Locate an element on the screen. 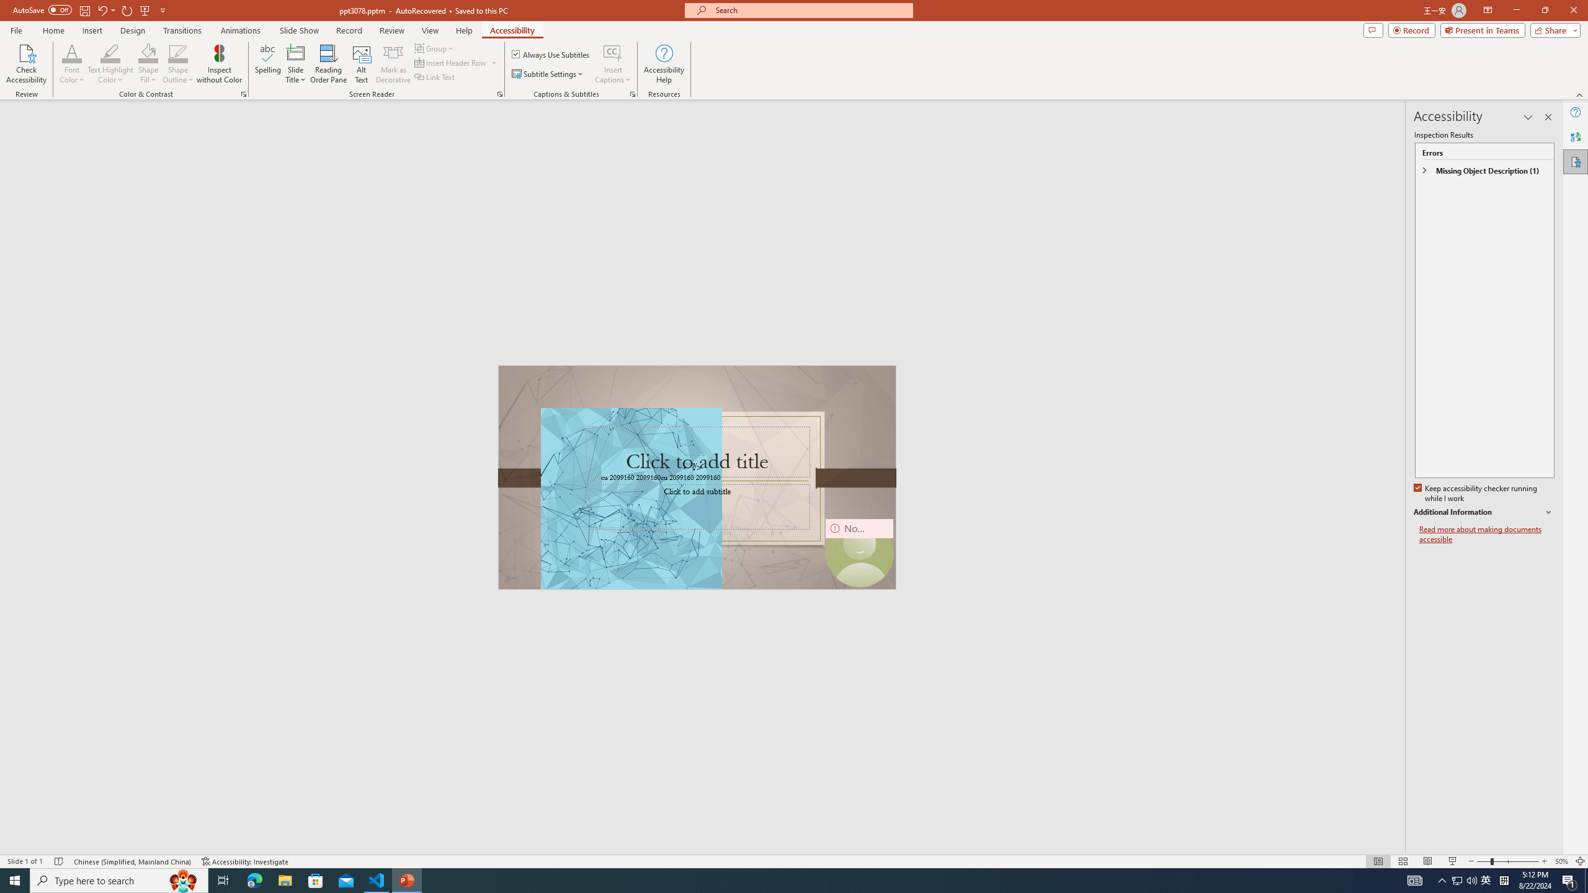 This screenshot has height=893, width=1588. 'Insert Header Row' is located at coordinates (456, 61).